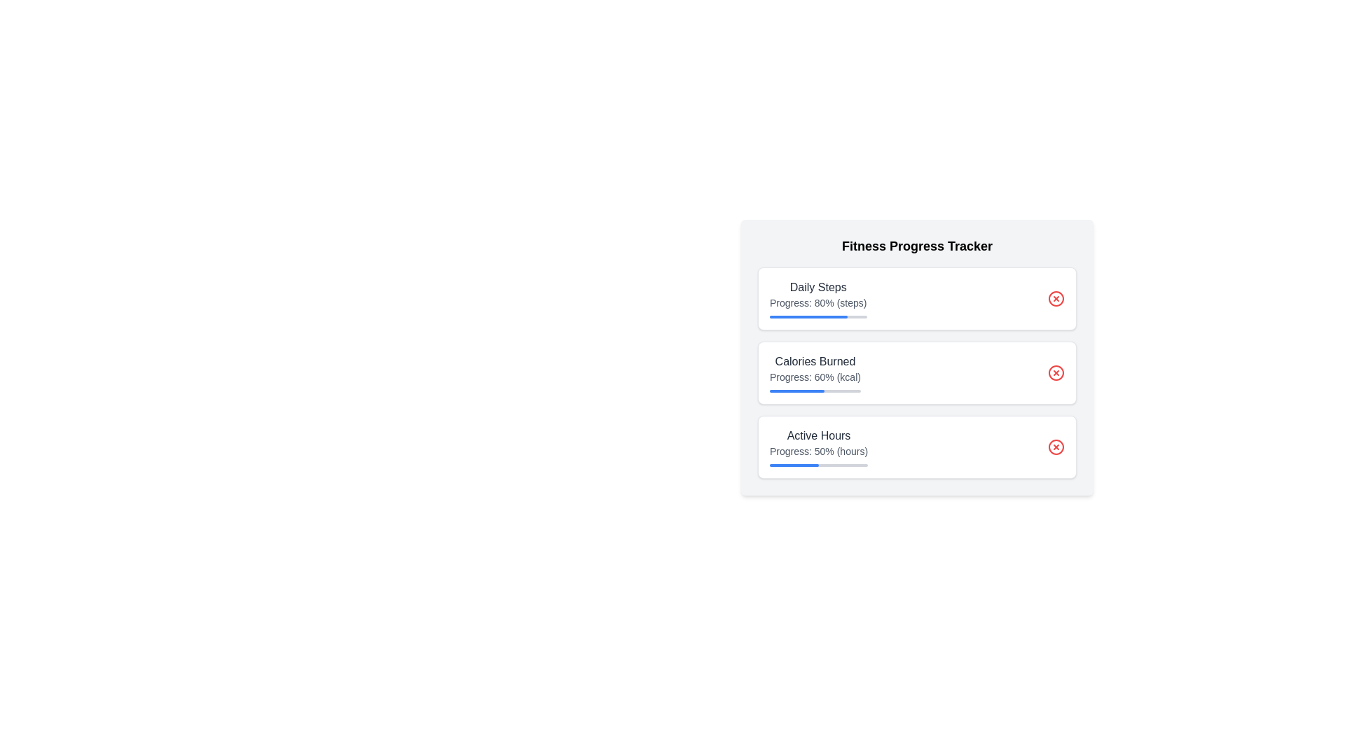  I want to click on the progress details of the calorie burning Card located in the Fitness Progress Tracker, which is the second card in a vertical list, so click(917, 356).